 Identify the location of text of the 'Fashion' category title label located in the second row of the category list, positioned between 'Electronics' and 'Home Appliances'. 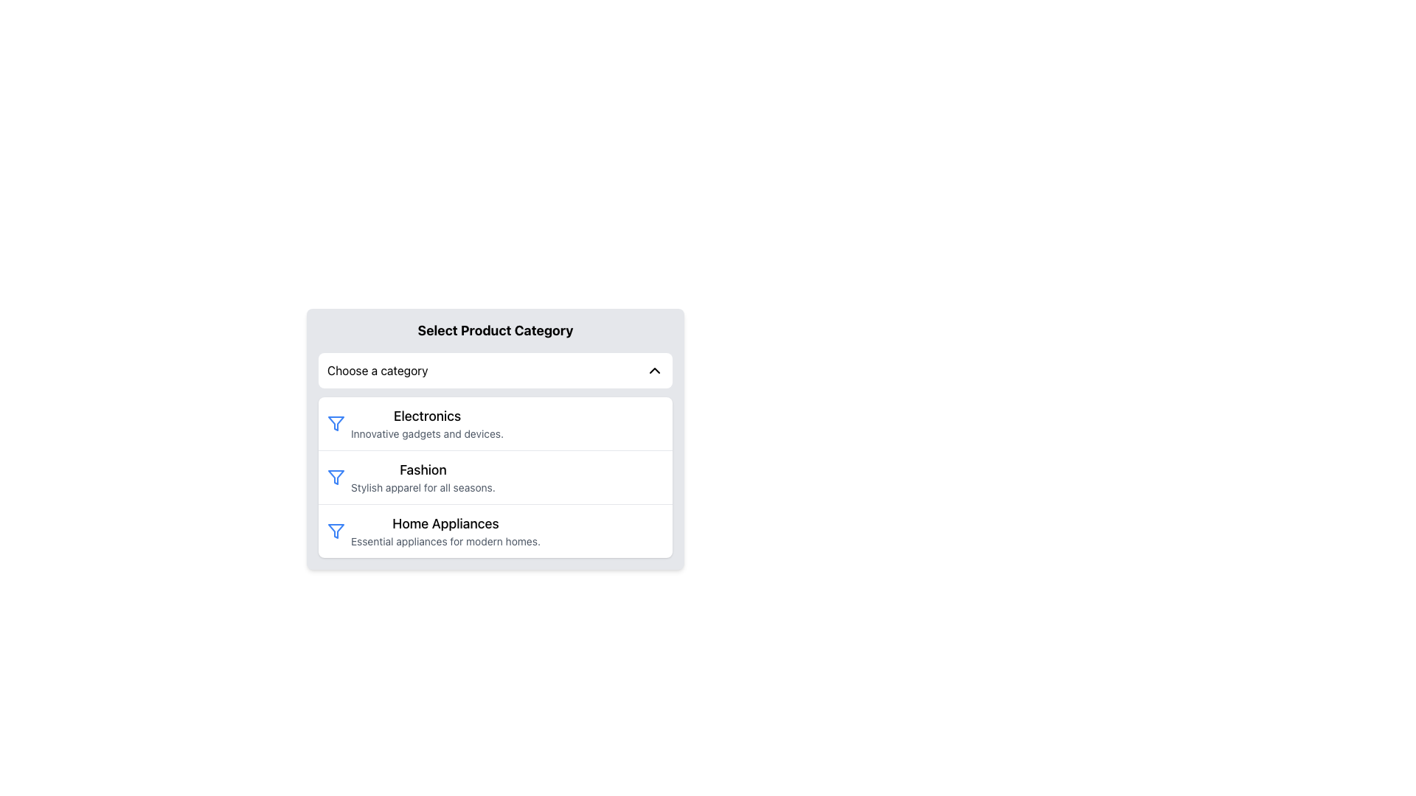
(422, 469).